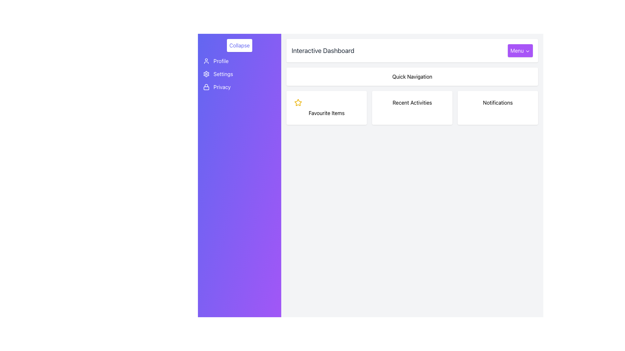 The height and width of the screenshot is (351, 625). Describe the element at coordinates (239, 73) in the screenshot. I see `the 'Settings' menu item text label for keyboard interaction` at that location.